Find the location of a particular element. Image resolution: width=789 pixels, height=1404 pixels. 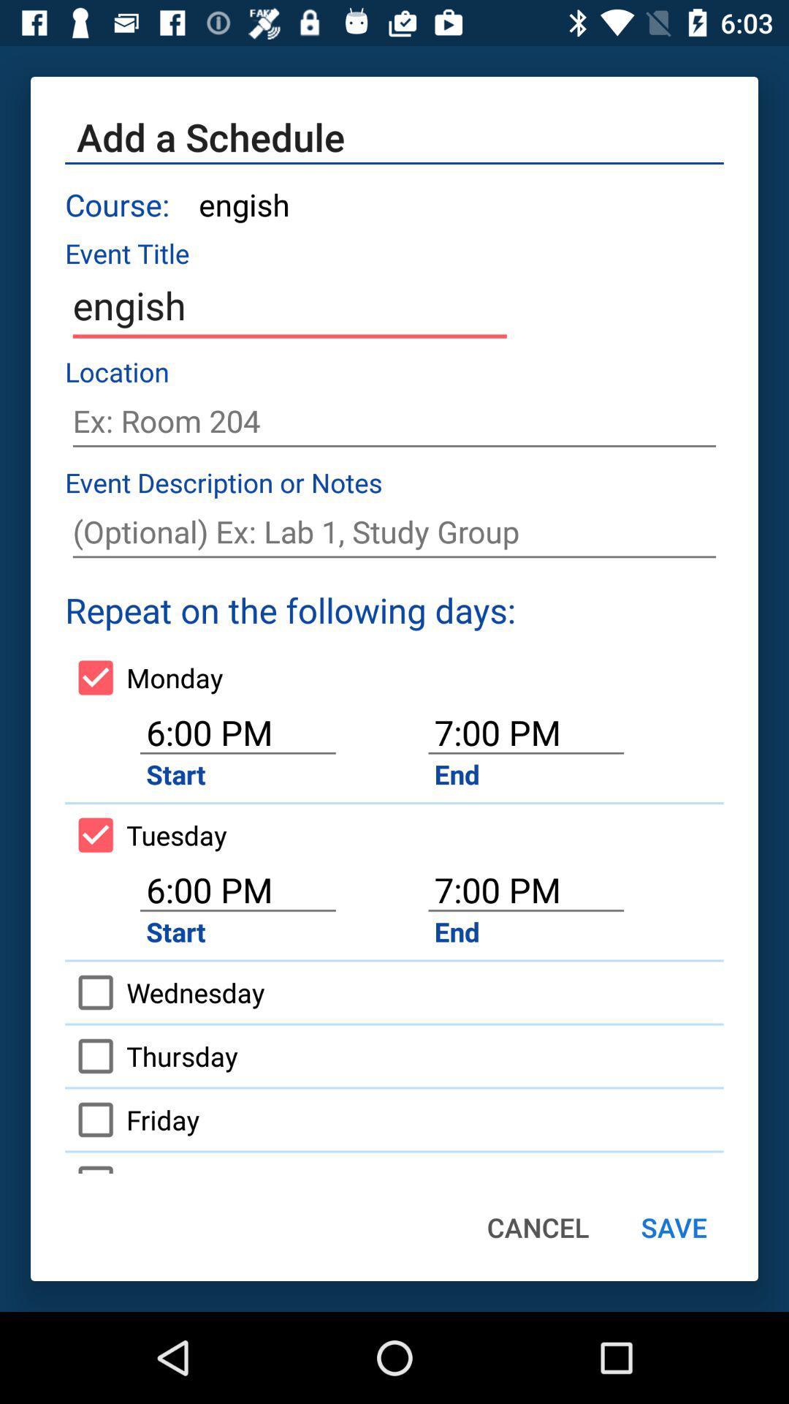

the icon to the left of 7:00 pm item is located at coordinates (144, 676).